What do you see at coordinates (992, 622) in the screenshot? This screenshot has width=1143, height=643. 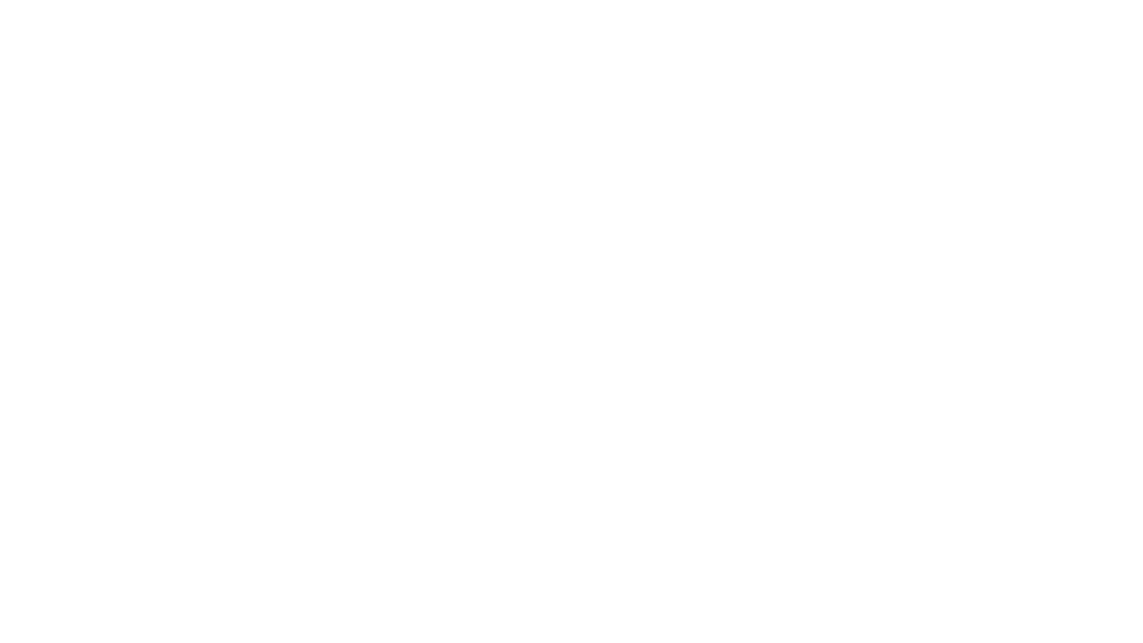 I see `Non, merci.` at bounding box center [992, 622].